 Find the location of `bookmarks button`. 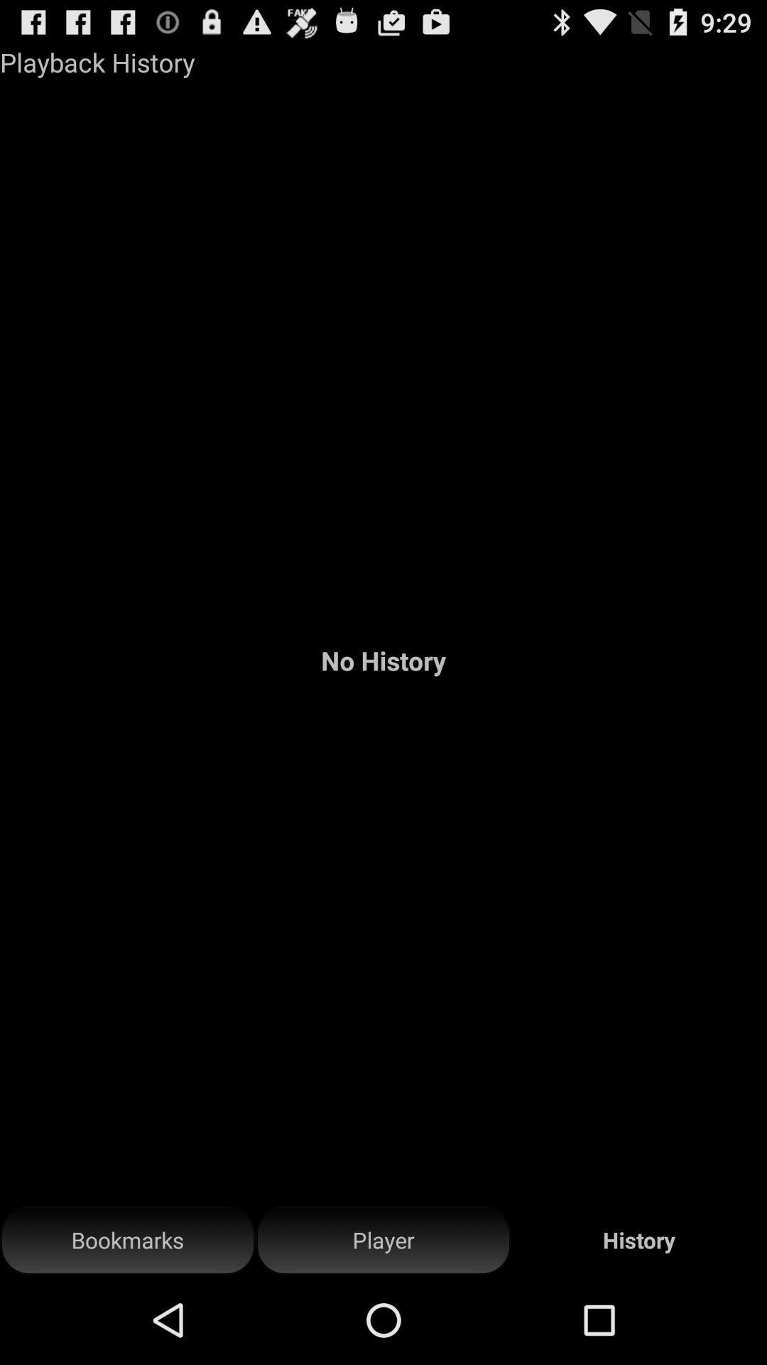

bookmarks button is located at coordinates (128, 1240).